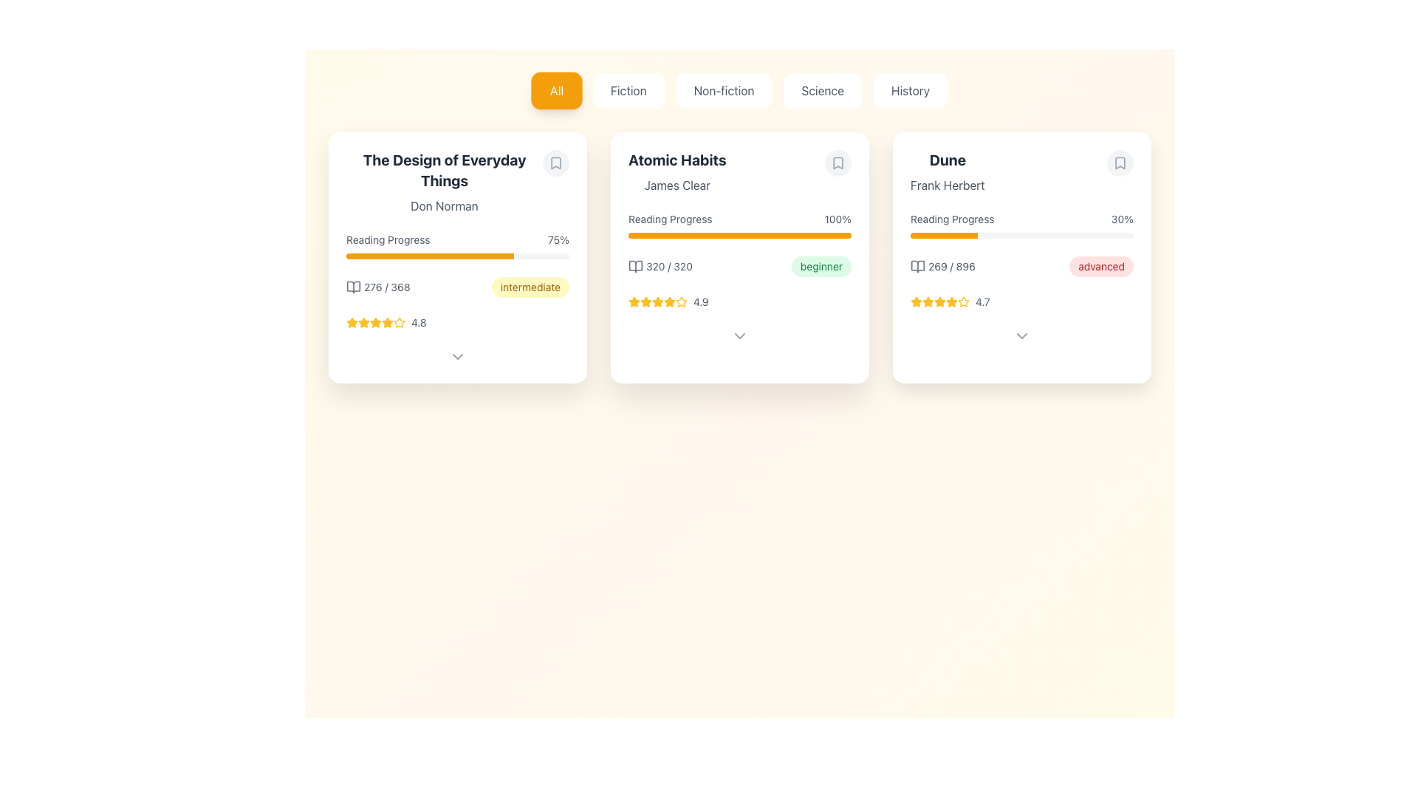  What do you see at coordinates (838, 163) in the screenshot?
I see `the bookmark icon button located at the top-right corner of the 'Atomic Habits' card` at bounding box center [838, 163].